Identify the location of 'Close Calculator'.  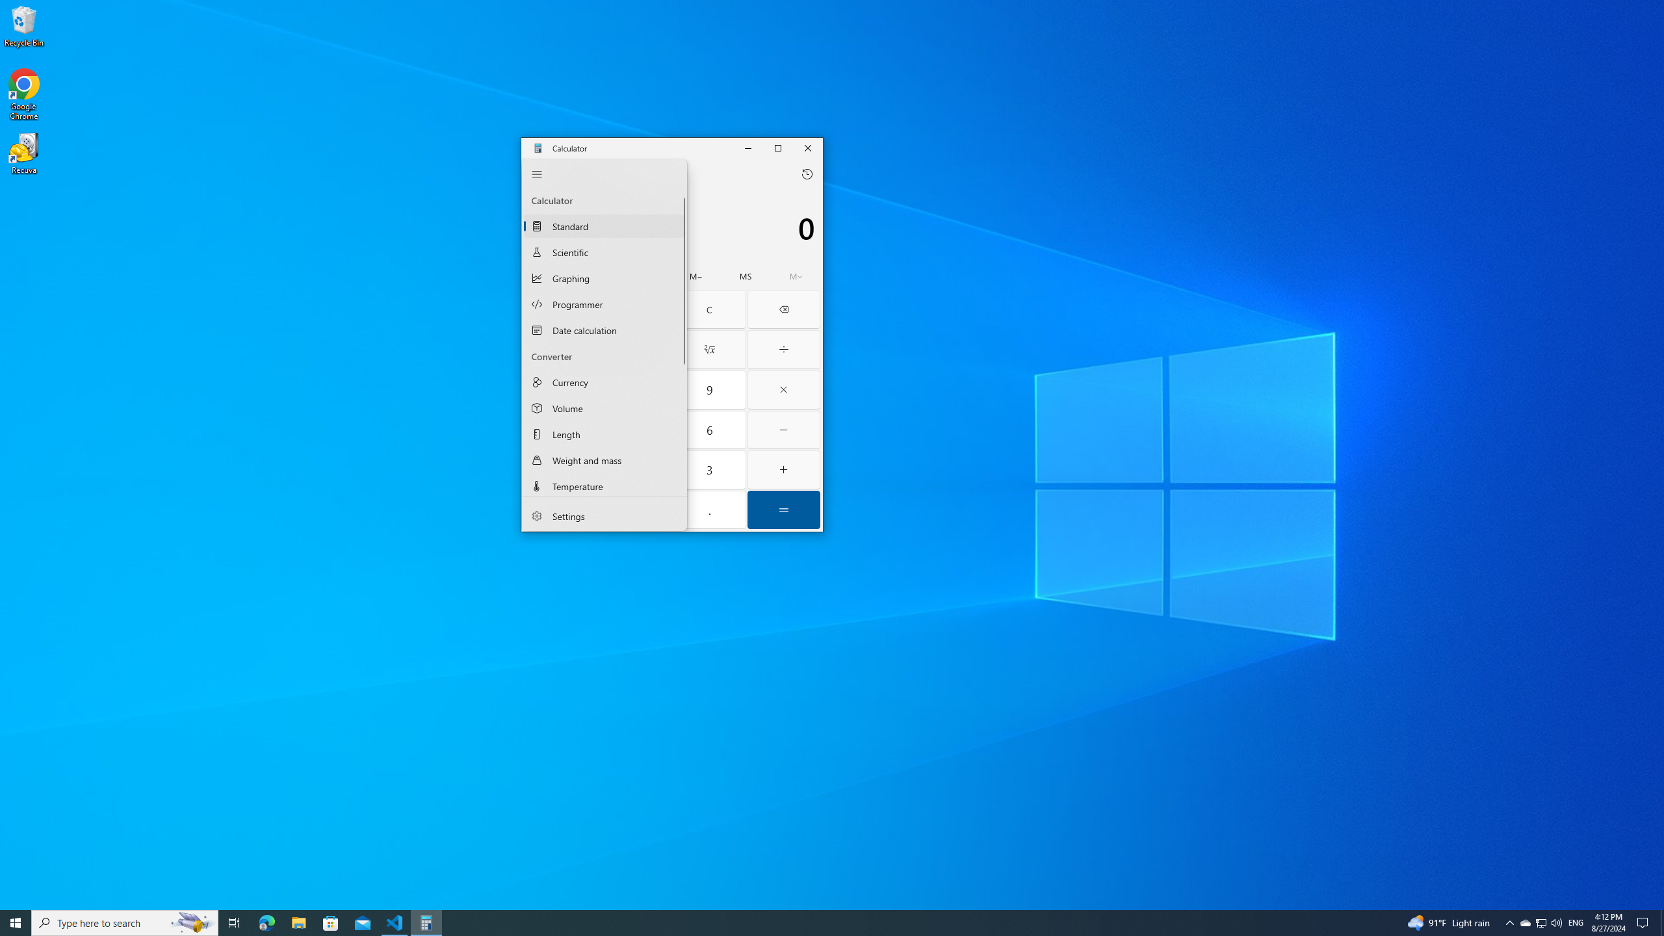
(808, 147).